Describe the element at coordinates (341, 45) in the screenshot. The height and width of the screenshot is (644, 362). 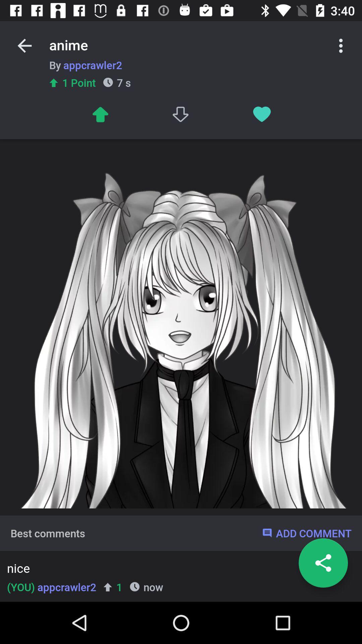
I see `options` at that location.